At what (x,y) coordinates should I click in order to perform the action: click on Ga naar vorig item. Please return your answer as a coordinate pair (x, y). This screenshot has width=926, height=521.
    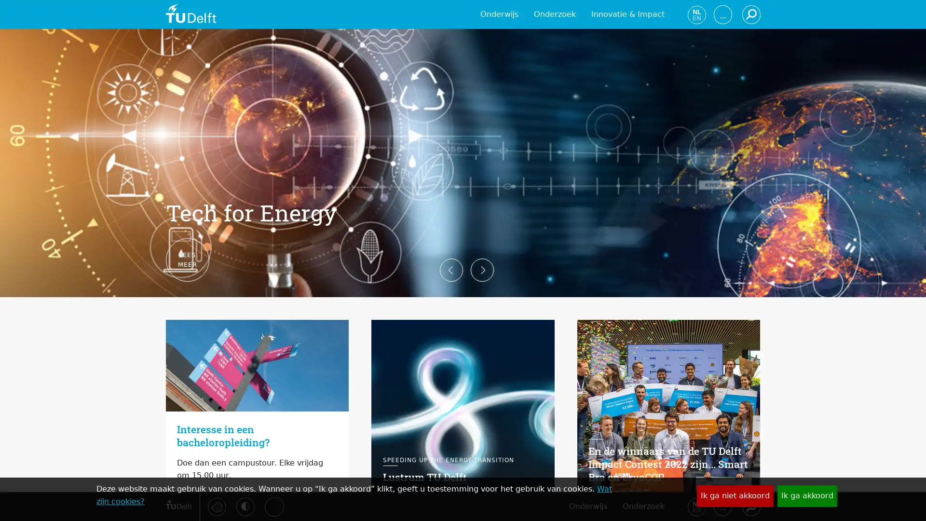
    Looking at the image, I should click on (150, 260).